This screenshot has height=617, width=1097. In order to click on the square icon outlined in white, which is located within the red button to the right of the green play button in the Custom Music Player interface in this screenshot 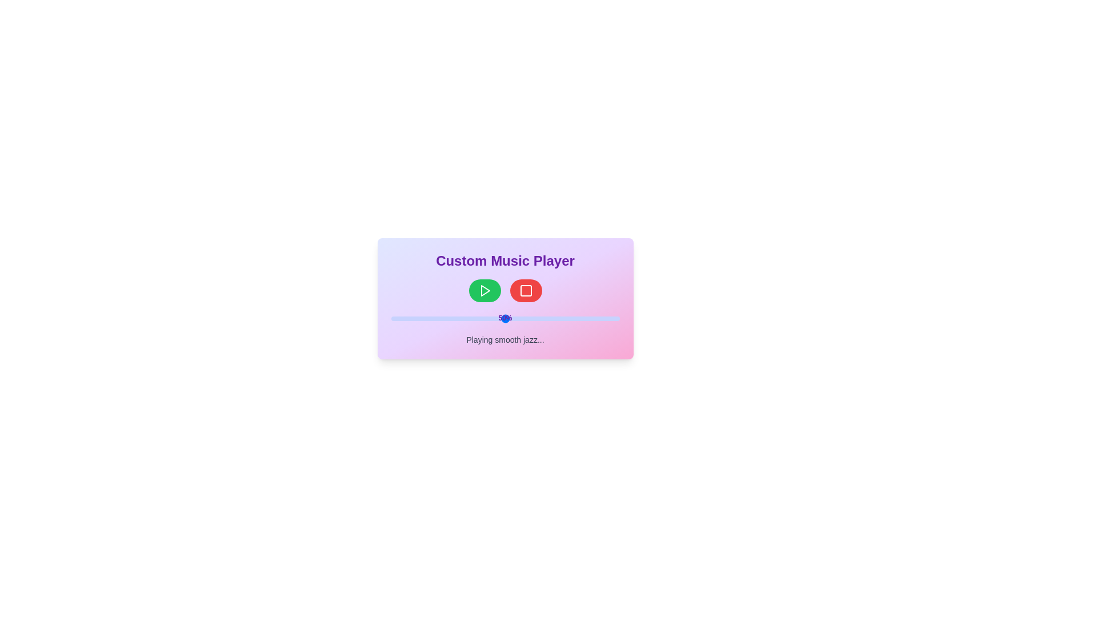, I will do `click(525, 290)`.